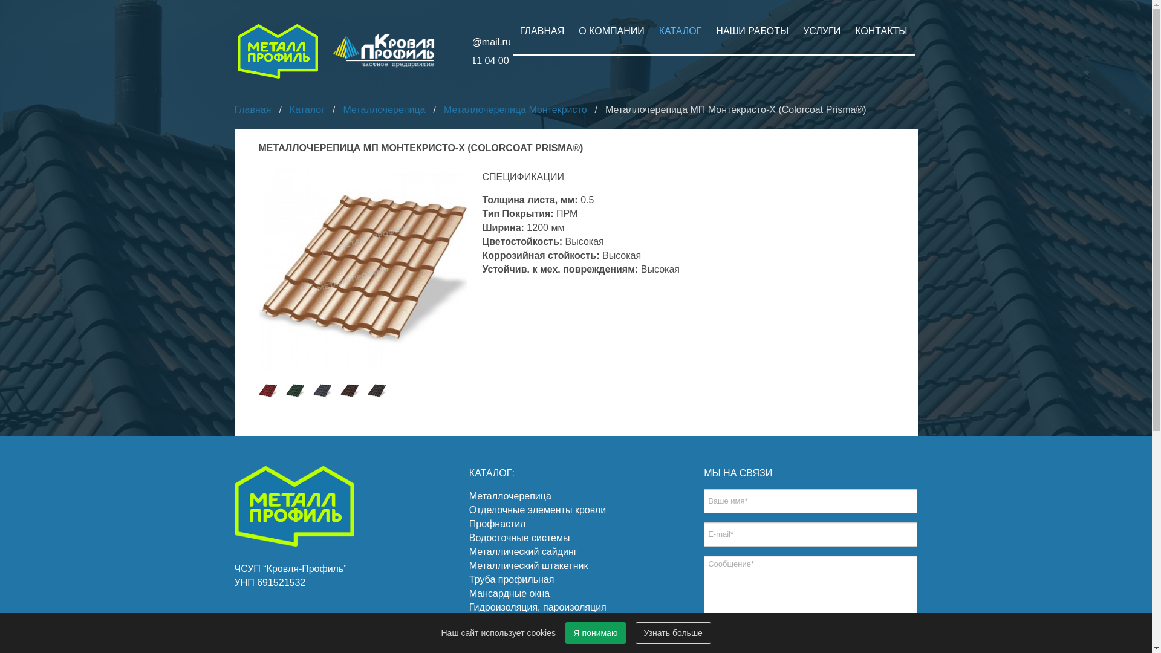 The width and height of the screenshot is (1161, 653). What do you see at coordinates (362, 267) in the screenshot?
I see `'Drw0001ADA Helios'` at bounding box center [362, 267].